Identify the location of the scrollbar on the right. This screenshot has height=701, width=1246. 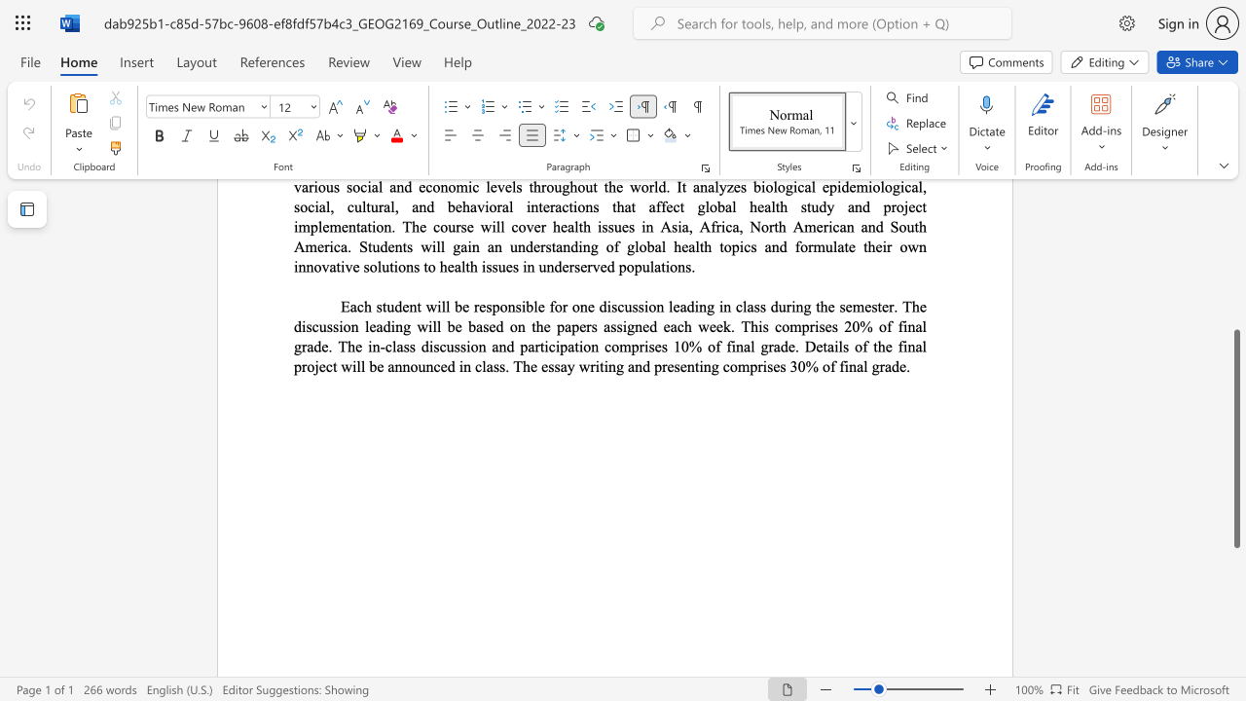
(1235, 241).